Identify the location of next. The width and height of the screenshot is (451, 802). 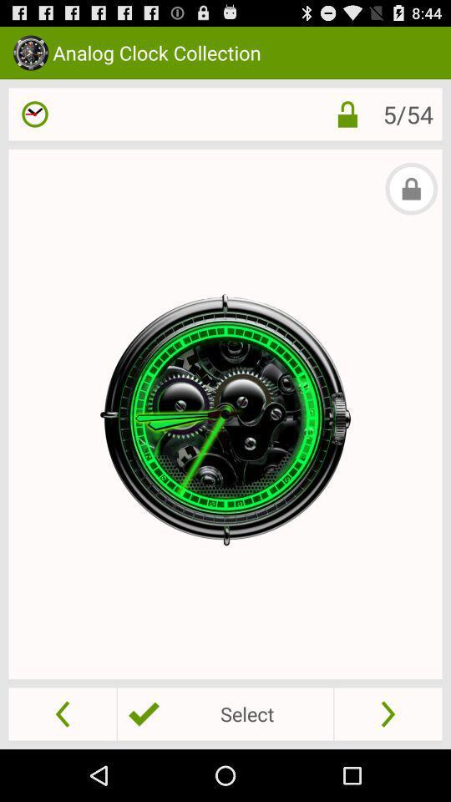
(388, 713).